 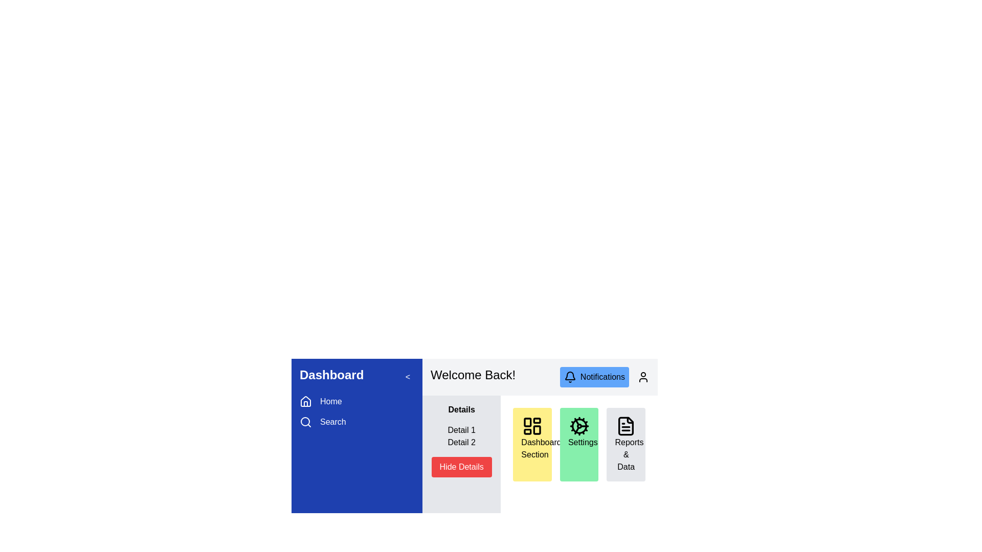 I want to click on the settings icon located inside the green rectangle labeled 'Settings', so click(x=579, y=426).